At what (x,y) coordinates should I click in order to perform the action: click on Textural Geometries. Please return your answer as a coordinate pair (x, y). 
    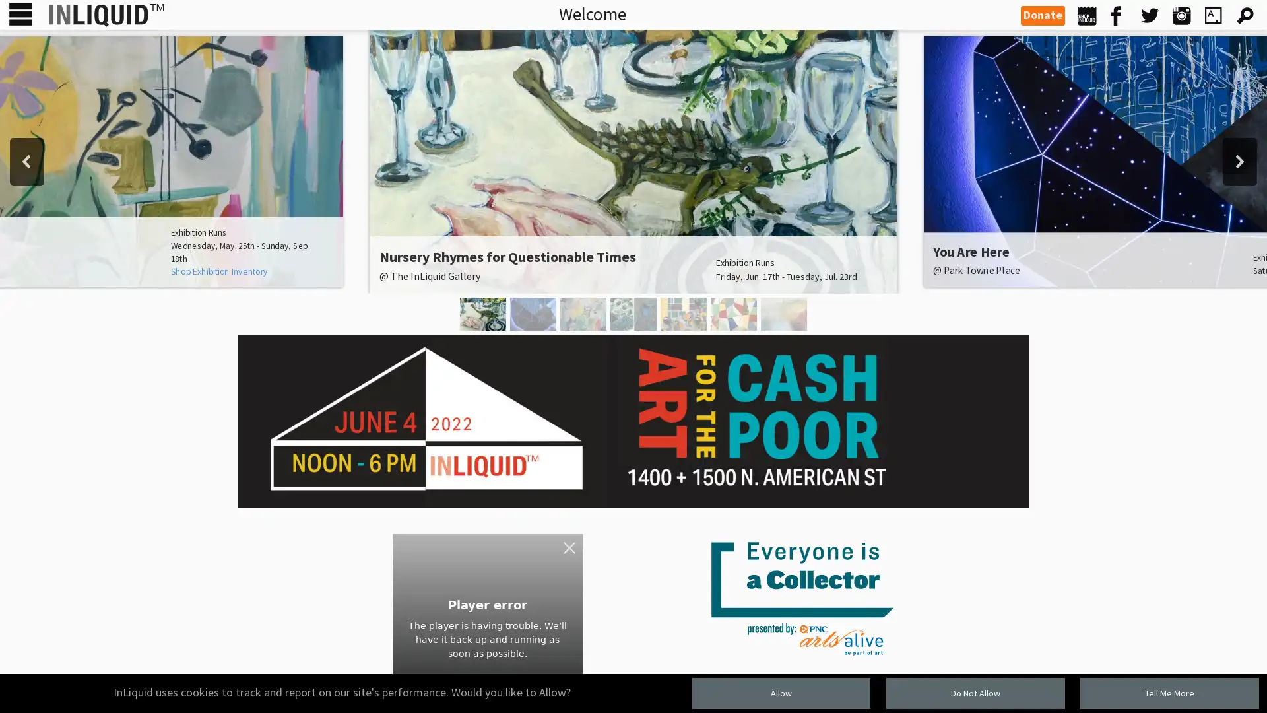
    Looking at the image, I should click on (633, 314).